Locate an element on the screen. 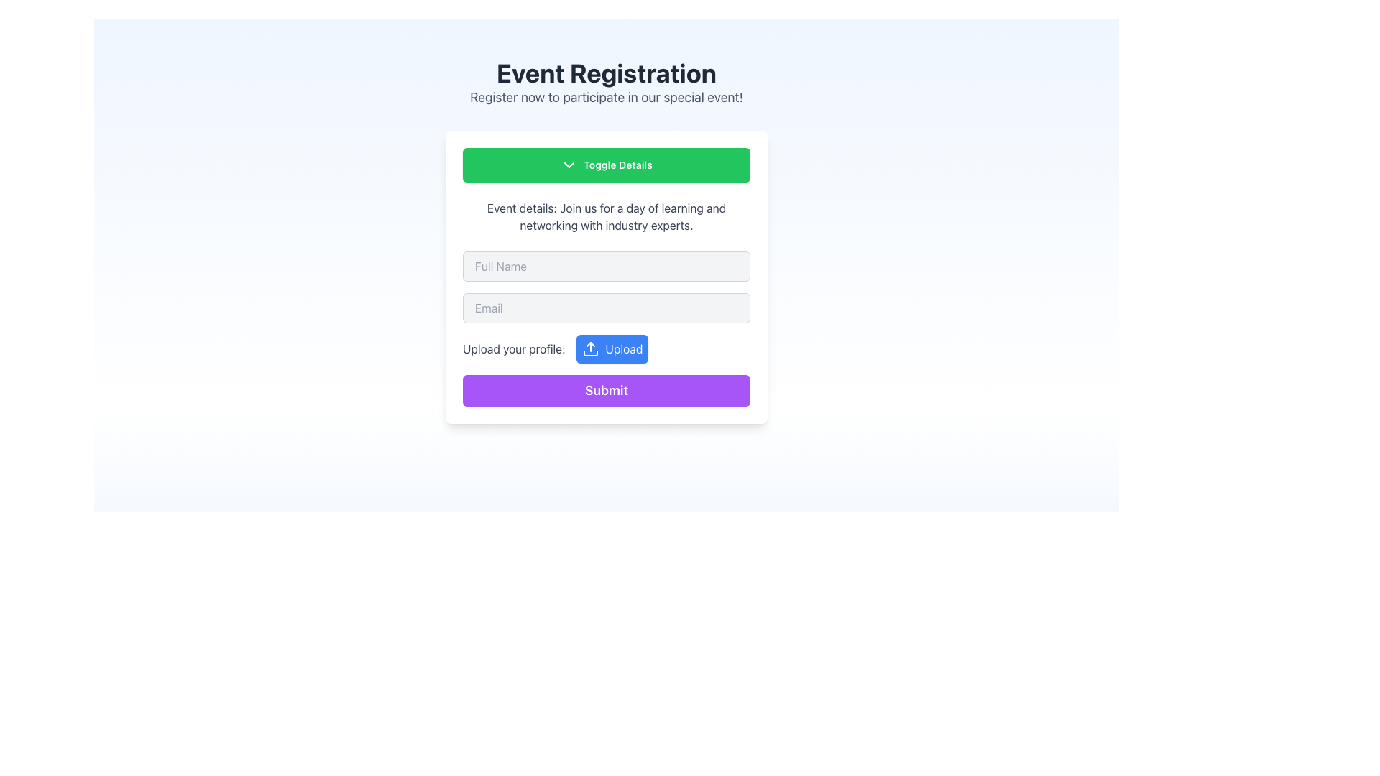  the chevron icon located in the top left of the 'Toggle Details' button within the green background to show or hide additional details related to the form is located at coordinates (569, 165).